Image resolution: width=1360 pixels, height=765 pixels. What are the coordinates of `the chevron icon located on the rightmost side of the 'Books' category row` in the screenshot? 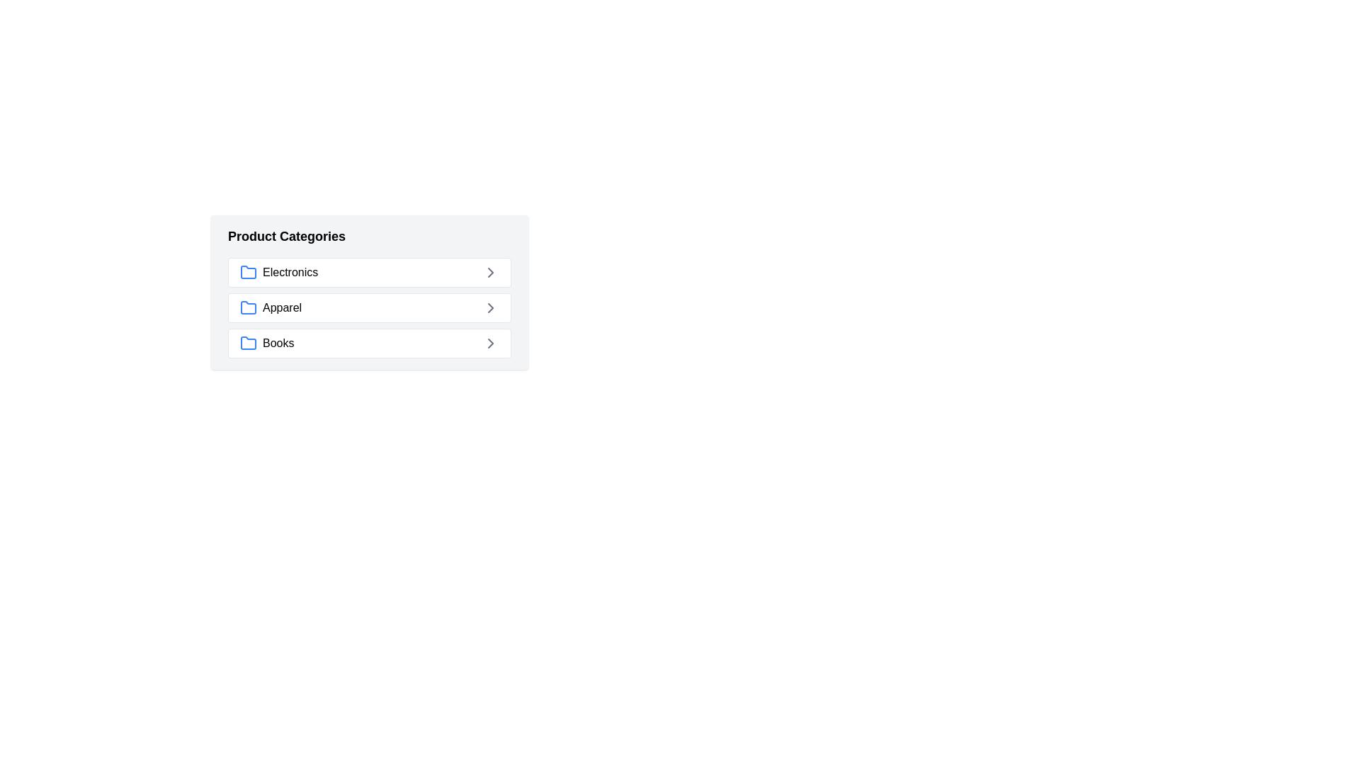 It's located at (490, 344).